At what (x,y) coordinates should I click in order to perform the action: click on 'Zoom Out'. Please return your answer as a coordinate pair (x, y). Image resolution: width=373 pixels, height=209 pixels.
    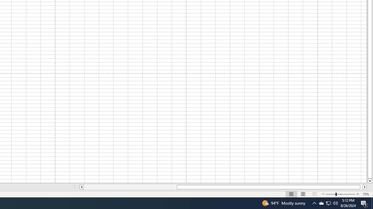
    Looking at the image, I should click on (330, 194).